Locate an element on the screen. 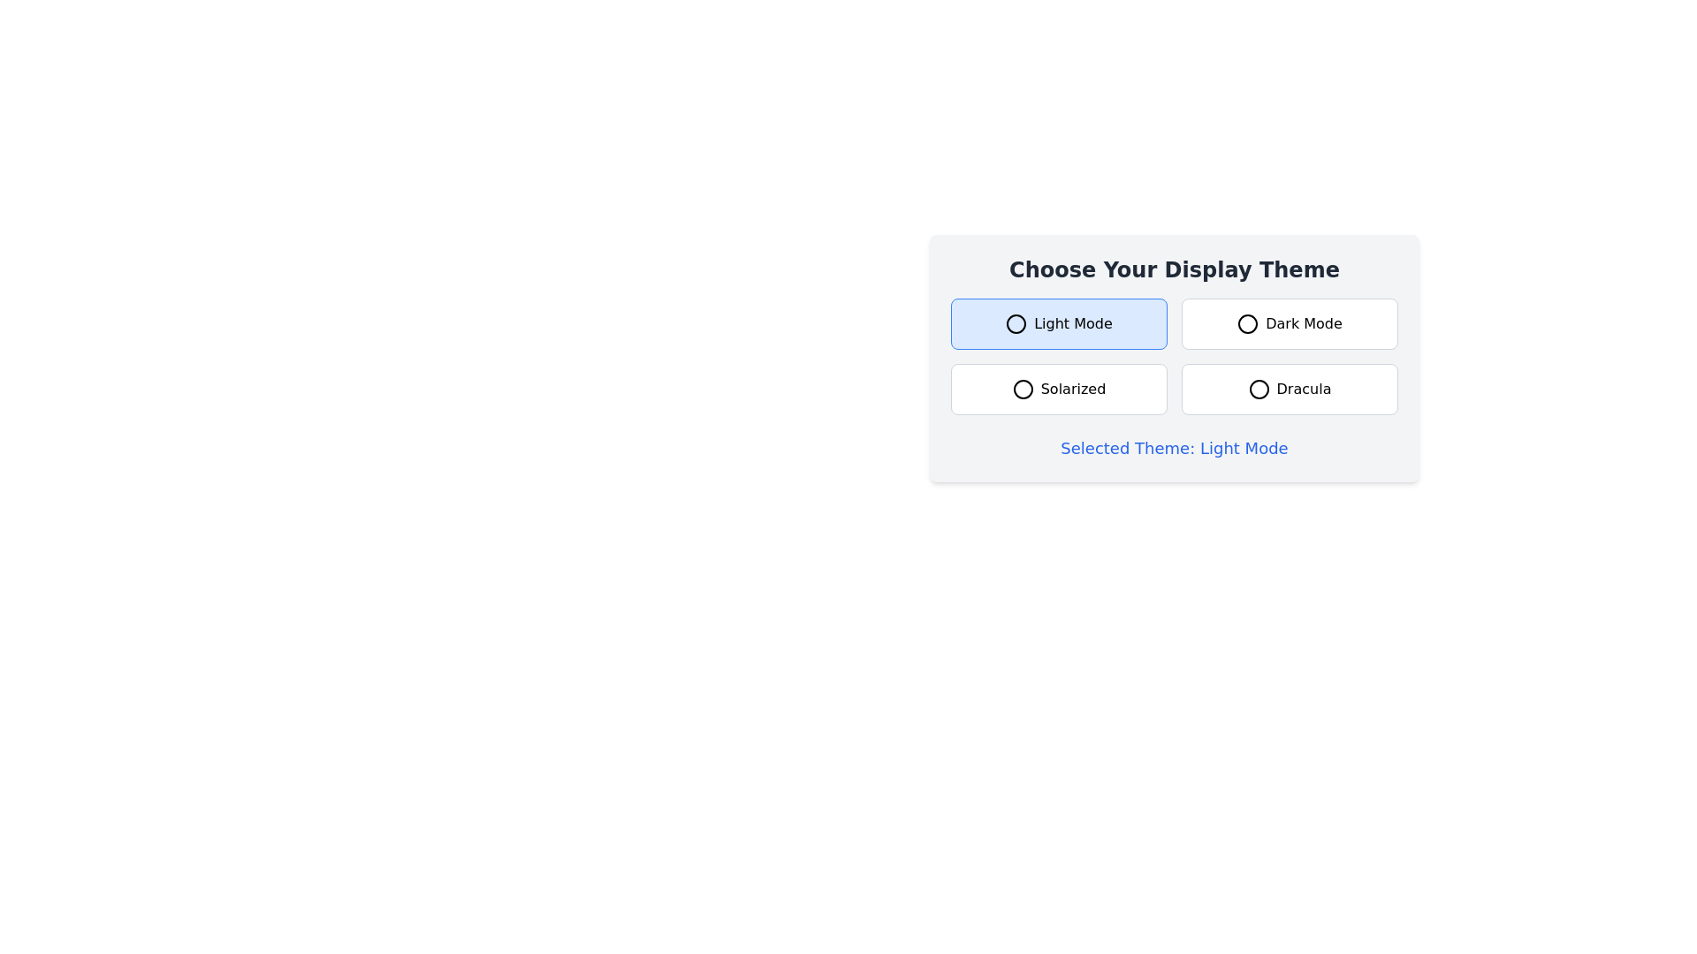  the 'Dracula' button is located at coordinates (1290, 388).